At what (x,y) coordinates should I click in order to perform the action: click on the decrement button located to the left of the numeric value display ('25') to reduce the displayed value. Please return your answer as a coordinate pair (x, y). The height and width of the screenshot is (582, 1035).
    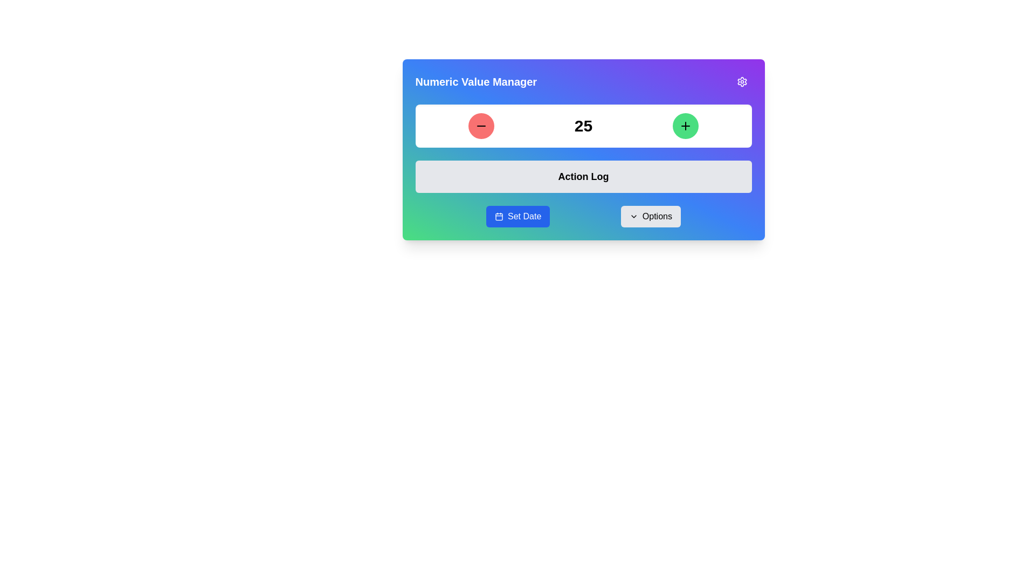
    Looking at the image, I should click on (480, 126).